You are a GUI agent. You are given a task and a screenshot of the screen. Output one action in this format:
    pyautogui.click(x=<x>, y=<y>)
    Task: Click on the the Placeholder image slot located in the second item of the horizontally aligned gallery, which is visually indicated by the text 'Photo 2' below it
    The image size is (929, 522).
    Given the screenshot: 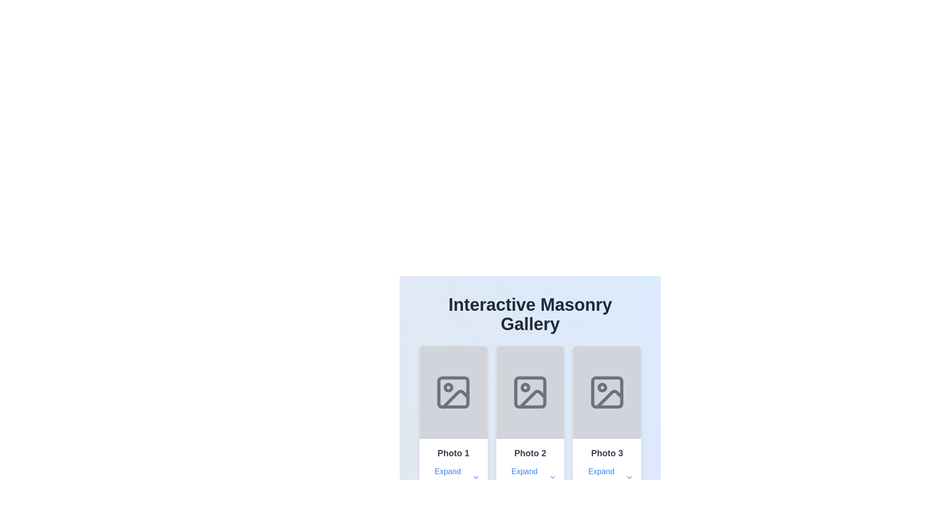 What is the action you would take?
    pyautogui.click(x=529, y=392)
    